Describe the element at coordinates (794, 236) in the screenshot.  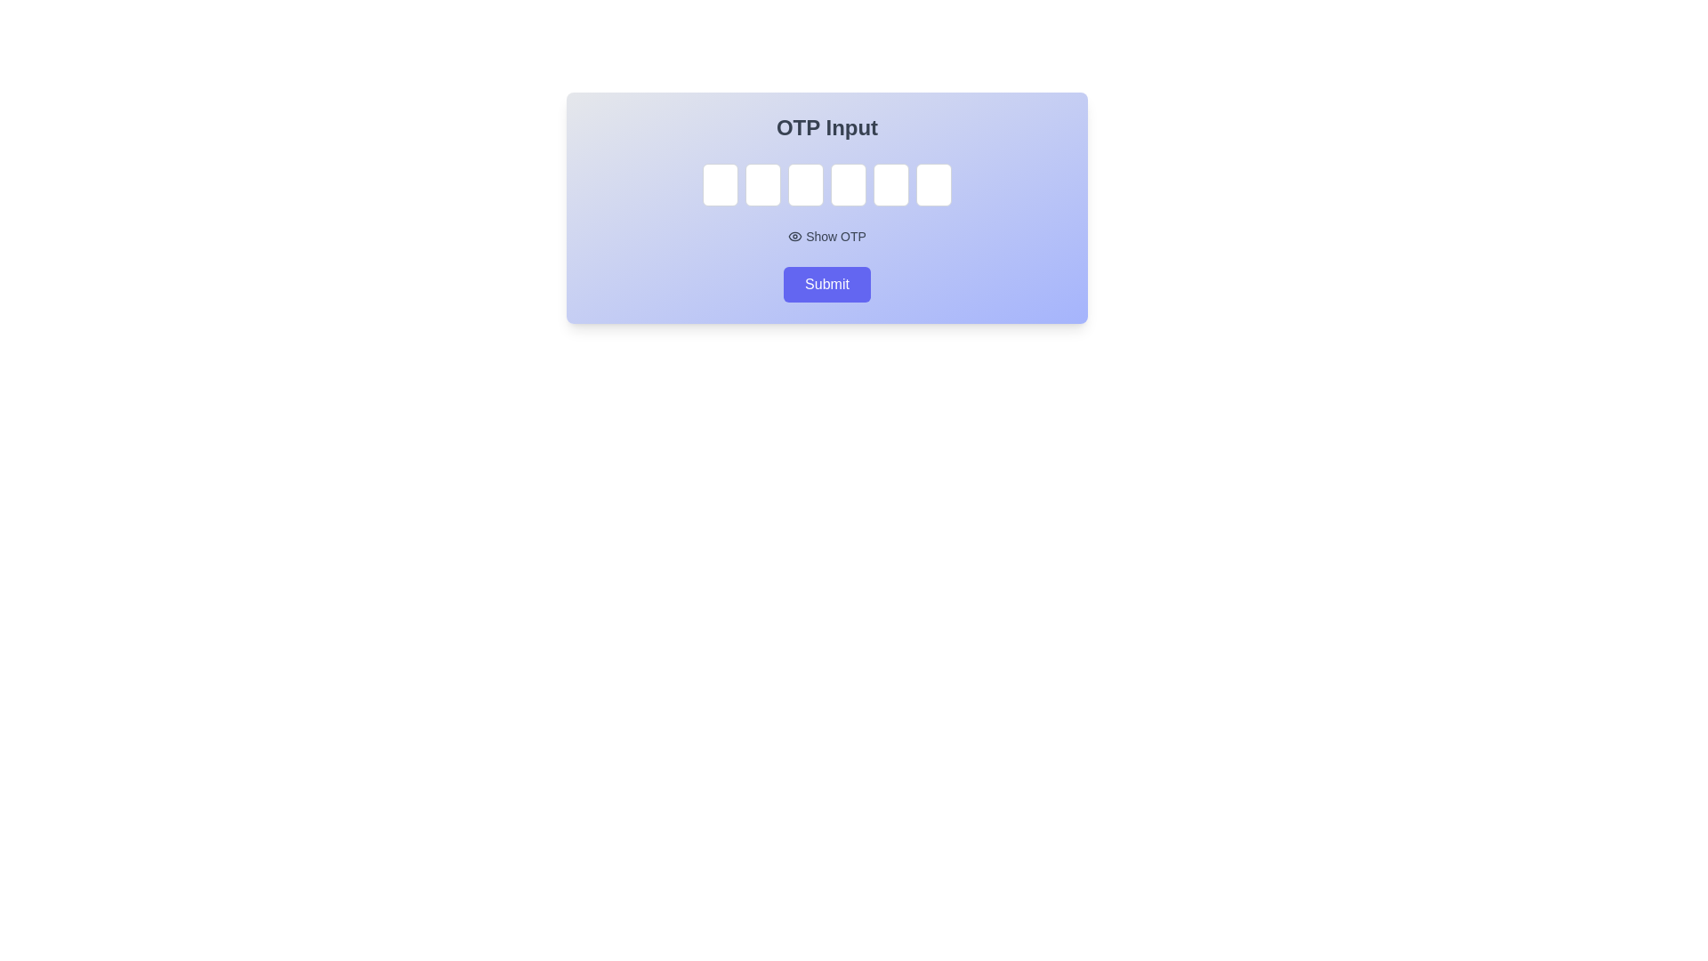
I see `the eye-like icon used to toggle the visibility of the OTP input value, located next to the 'Show OTP' context` at that location.